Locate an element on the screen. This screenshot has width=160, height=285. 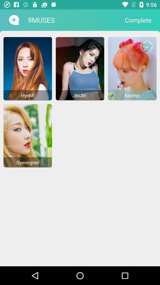
icon to the left of the 9muses icon is located at coordinates (13, 20).